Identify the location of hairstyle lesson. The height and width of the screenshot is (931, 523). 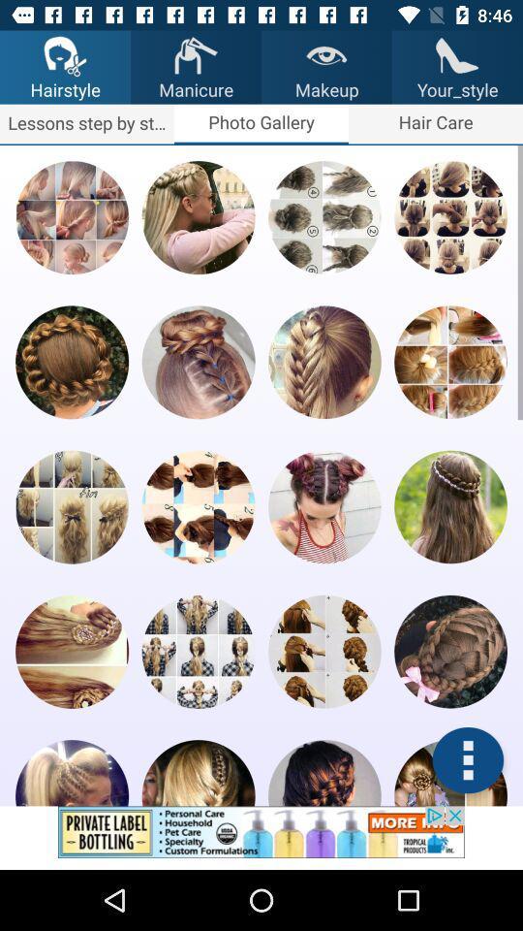
(198, 361).